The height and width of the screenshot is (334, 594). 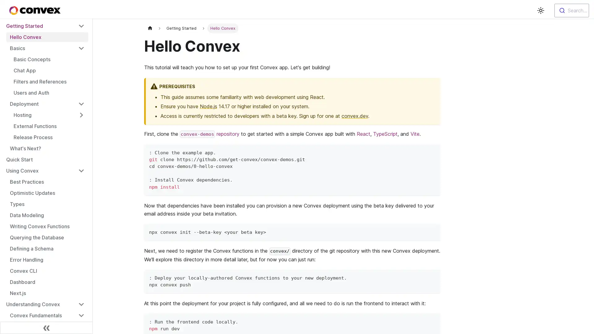 I want to click on Toggle the collapsible sidebar category 'Understanding Convex', so click(x=81, y=304).